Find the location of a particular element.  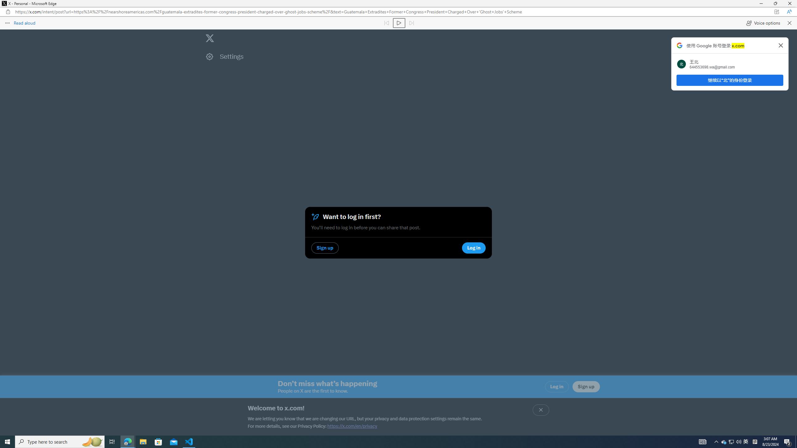

'Class: Bz112c Bz112c-r9oPif' is located at coordinates (780, 45).